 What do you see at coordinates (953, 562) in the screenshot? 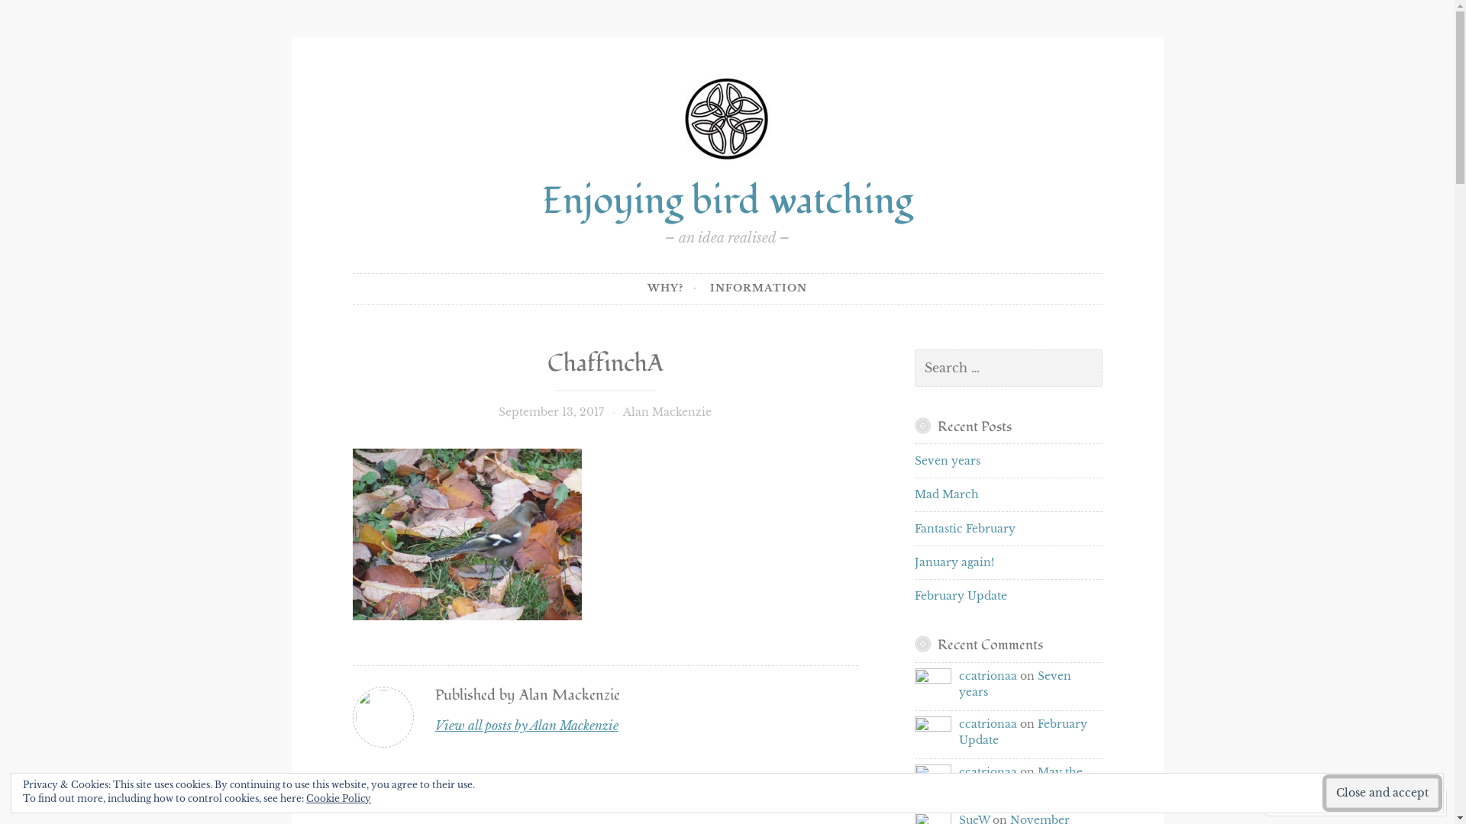
I see `'January again!'` at bounding box center [953, 562].